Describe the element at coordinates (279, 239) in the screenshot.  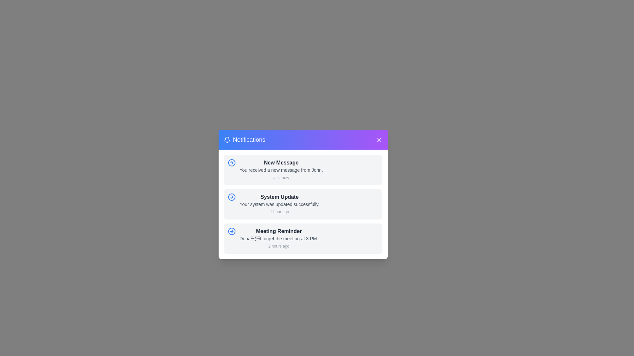
I see `the text label that reads 'Don’t forget the meeting at 3 PM.' located in the lower section of the 'Notifications' panel, which is part of the 'Meeting Reminder' notification item` at that location.